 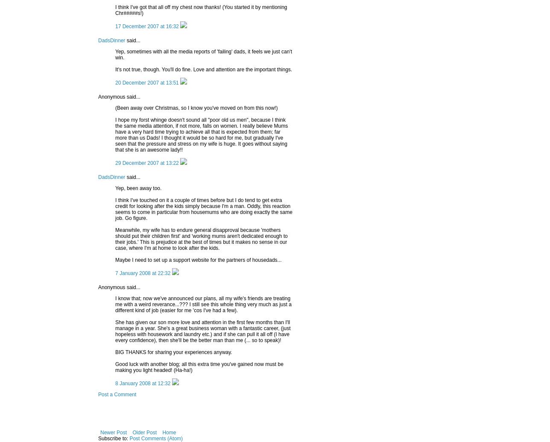 What do you see at coordinates (169, 432) in the screenshot?
I see `'Home'` at bounding box center [169, 432].